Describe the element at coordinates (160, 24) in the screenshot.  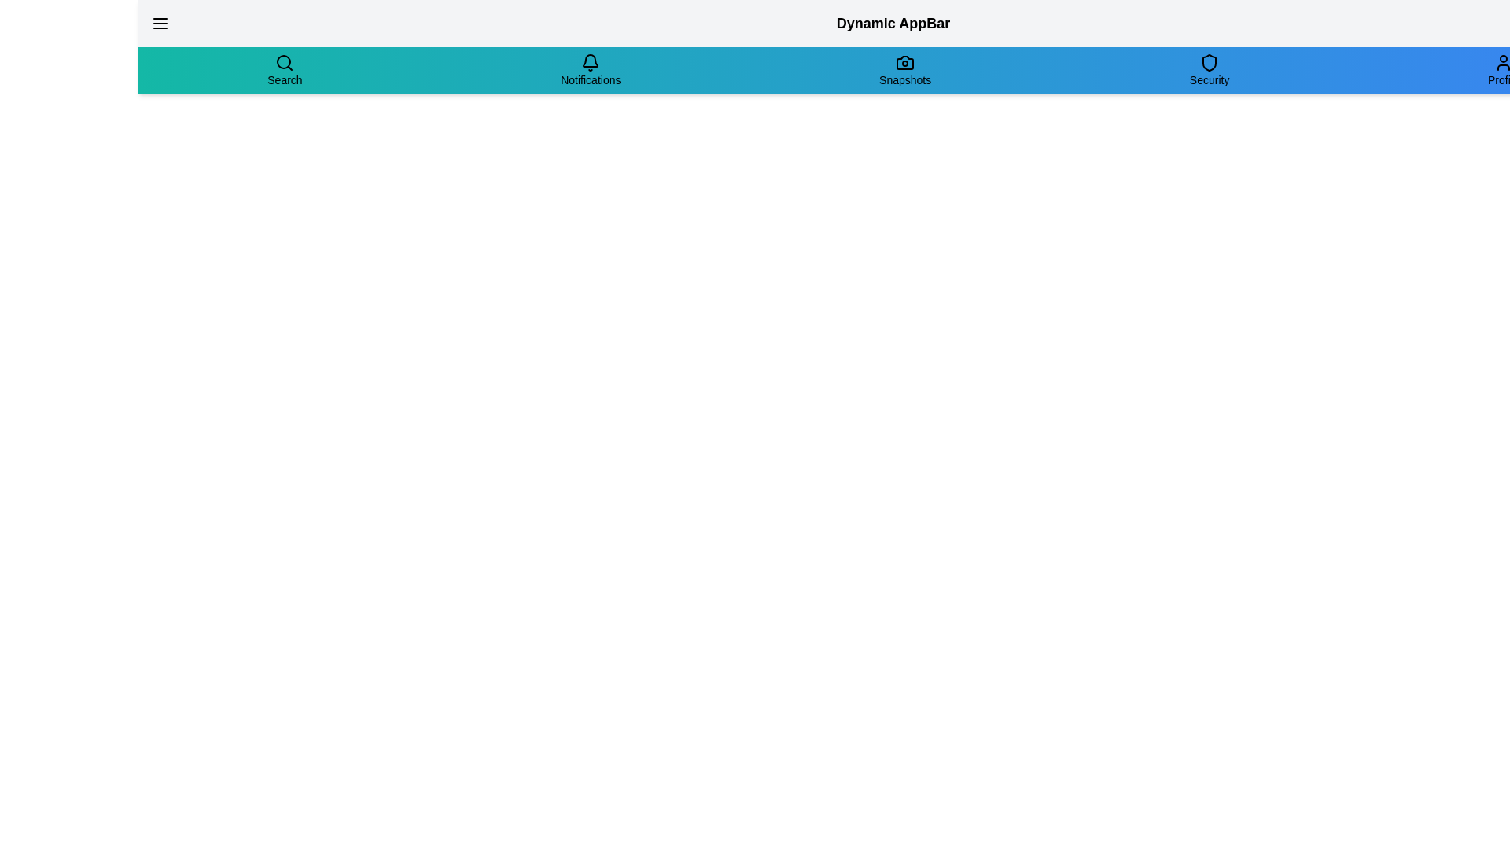
I see `the menu button to toggle the menu expansion state` at that location.